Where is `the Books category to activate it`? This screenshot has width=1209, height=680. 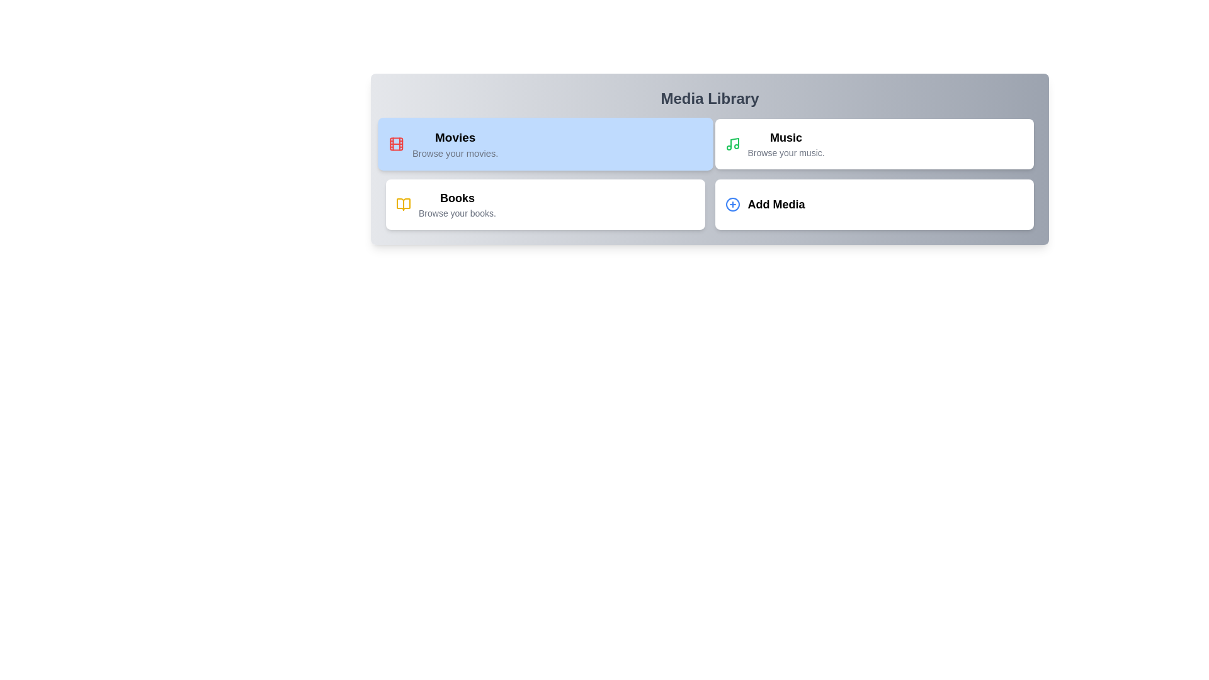
the Books category to activate it is located at coordinates (545, 203).